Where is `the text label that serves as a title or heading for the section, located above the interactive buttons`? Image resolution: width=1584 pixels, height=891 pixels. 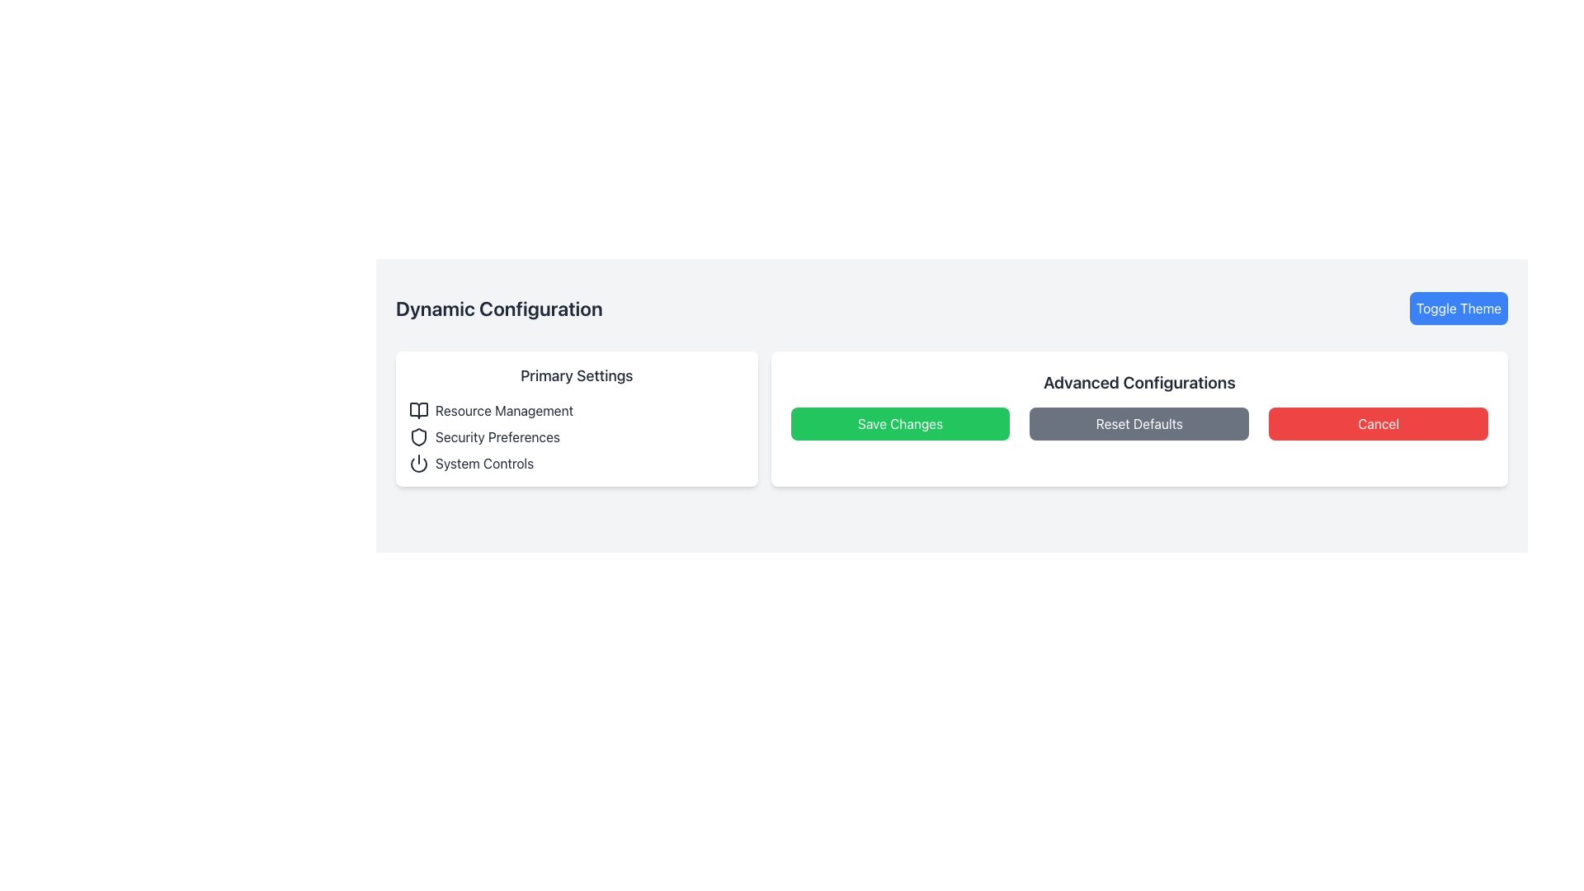 the text label that serves as a title or heading for the section, located above the interactive buttons is located at coordinates (1138, 382).